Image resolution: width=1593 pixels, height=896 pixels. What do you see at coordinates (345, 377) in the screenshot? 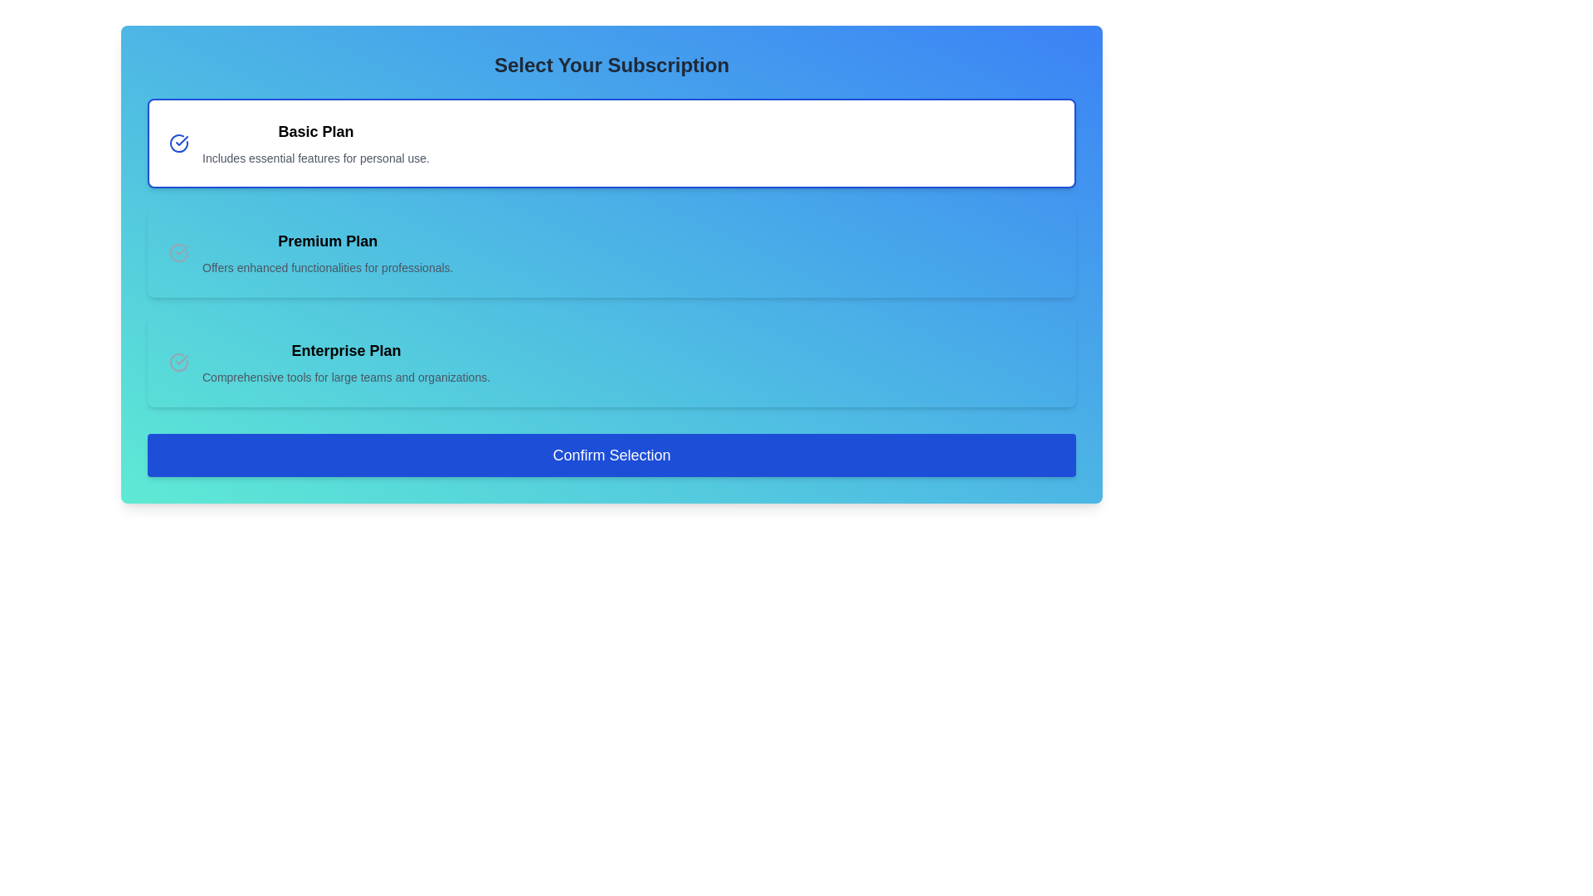
I see `the explanatory text element located below the 'Enterprise Plan' heading, which describes the benefits and target audience of the subscription option` at bounding box center [345, 377].